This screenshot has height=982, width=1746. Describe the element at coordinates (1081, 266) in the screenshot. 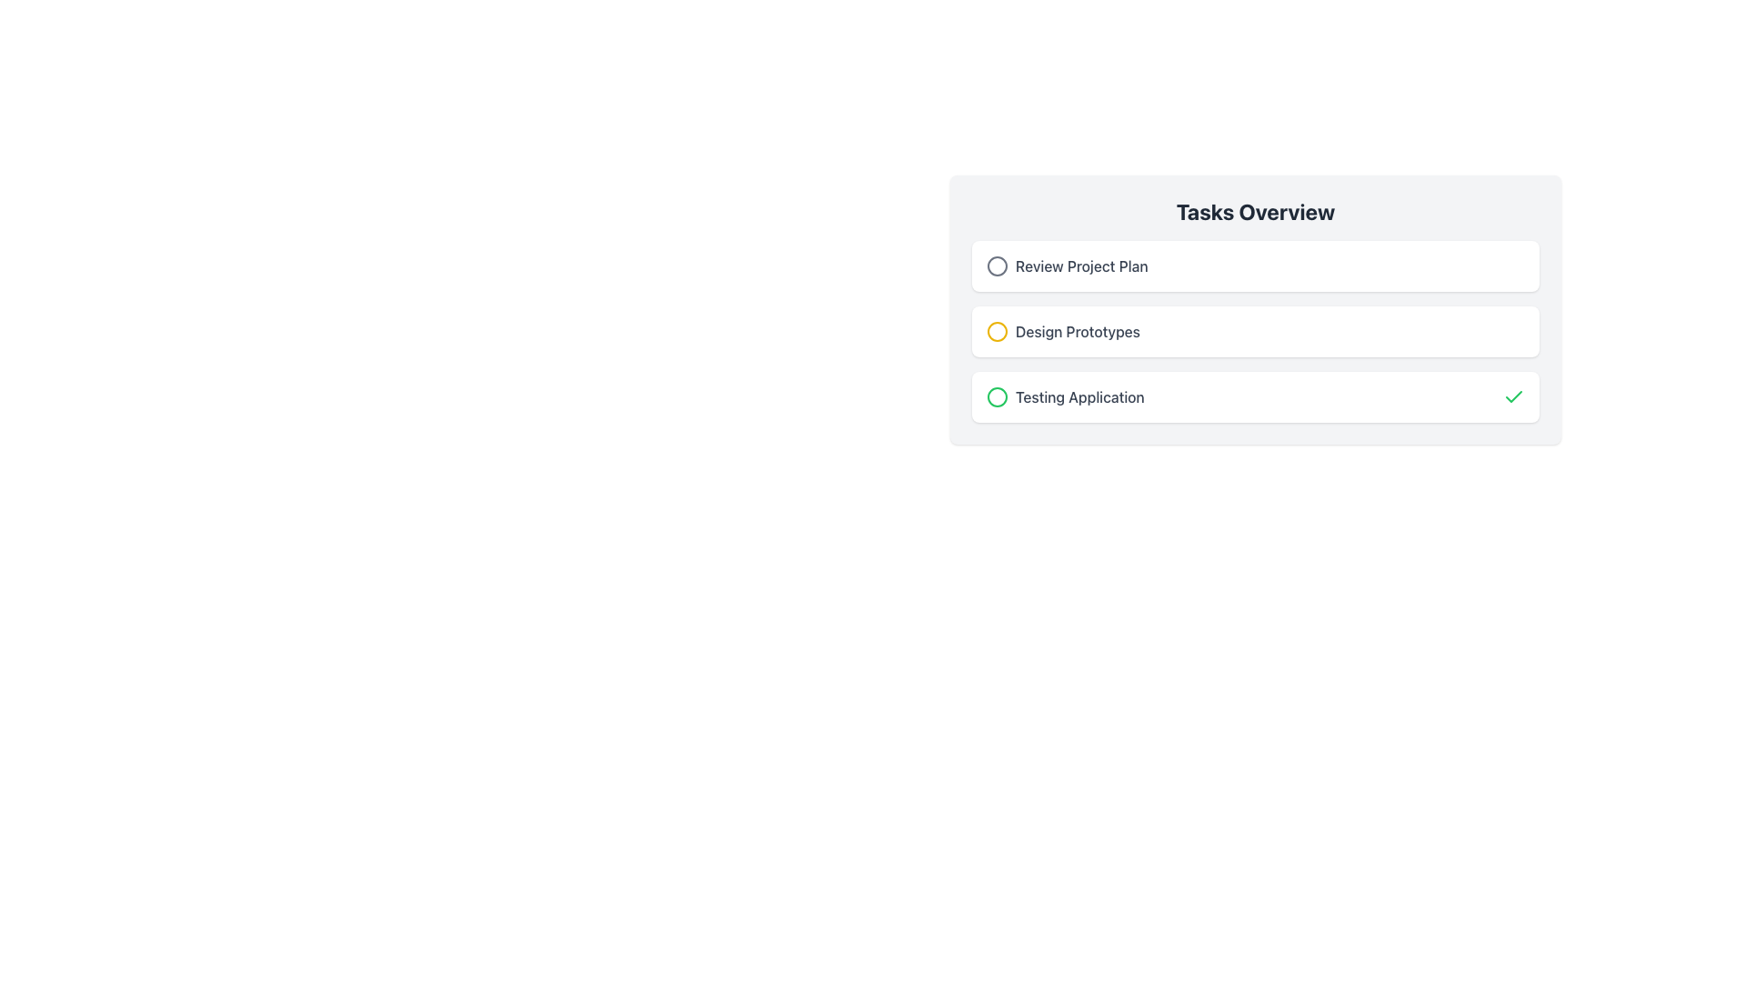

I see `the static text label reading 'Review Project Plan', which is styled in gray and positioned to the right of a circular icon in the first task section of the vertical task list` at that location.